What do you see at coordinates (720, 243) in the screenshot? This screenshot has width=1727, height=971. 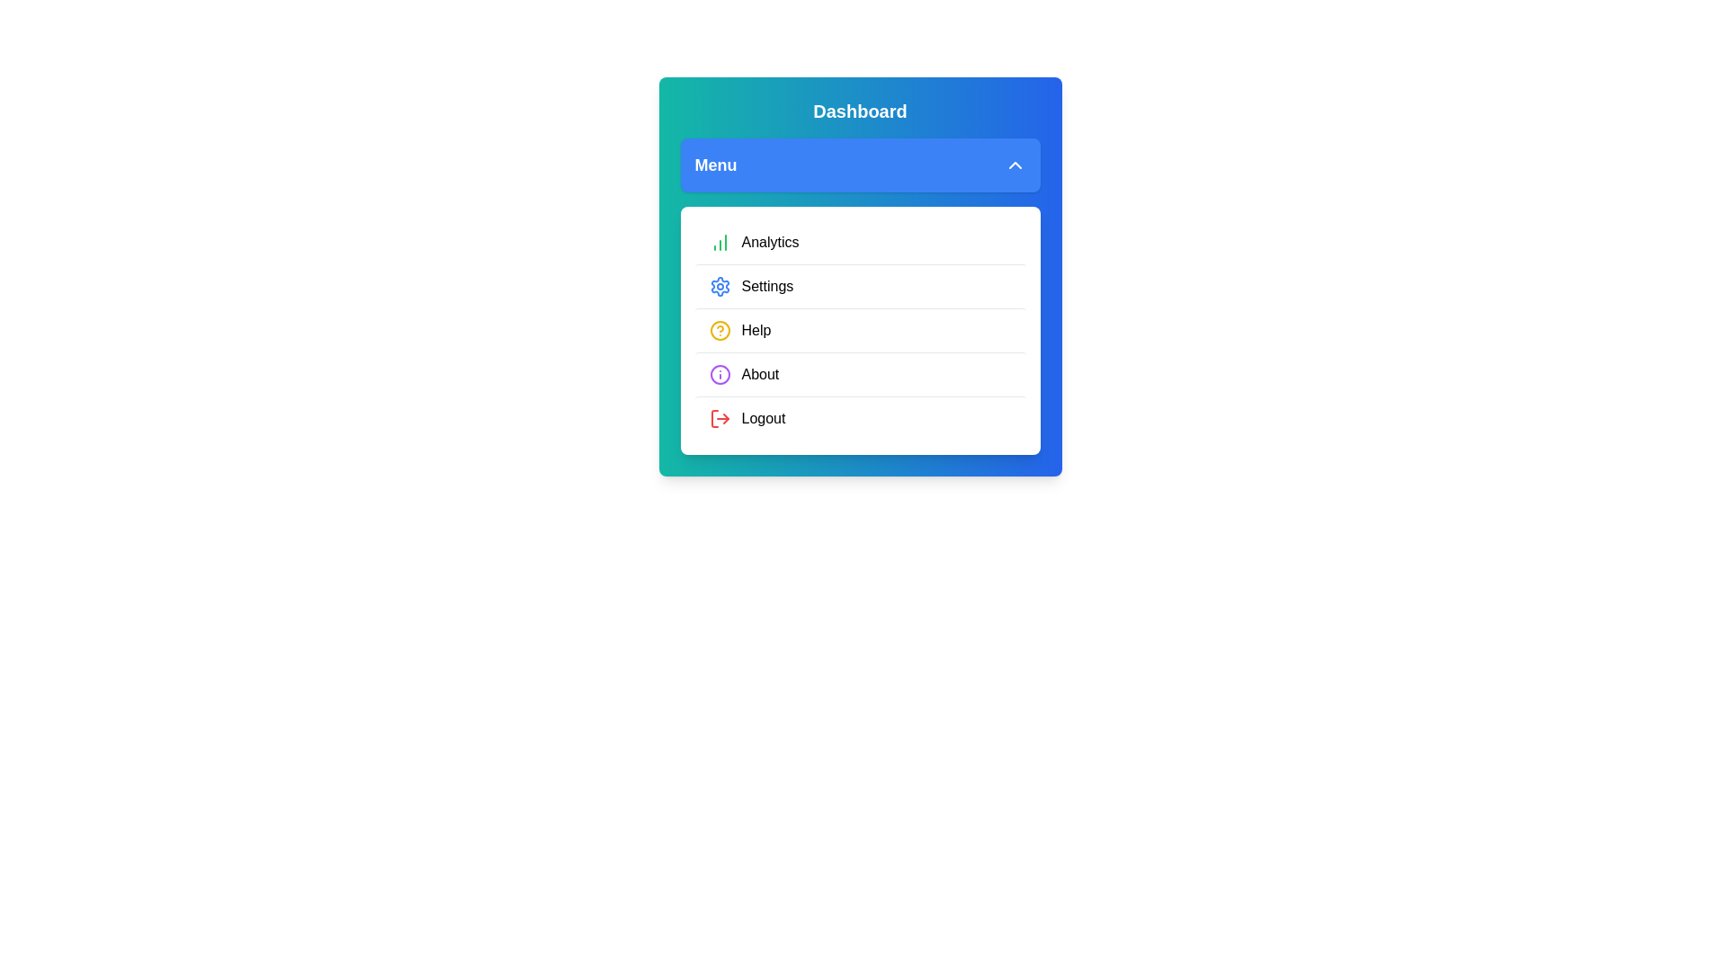 I see `the 'Analytics' icon located in the first entry of the dropdown menu, which serves as a visual cue for the 'Analytics' option` at bounding box center [720, 243].